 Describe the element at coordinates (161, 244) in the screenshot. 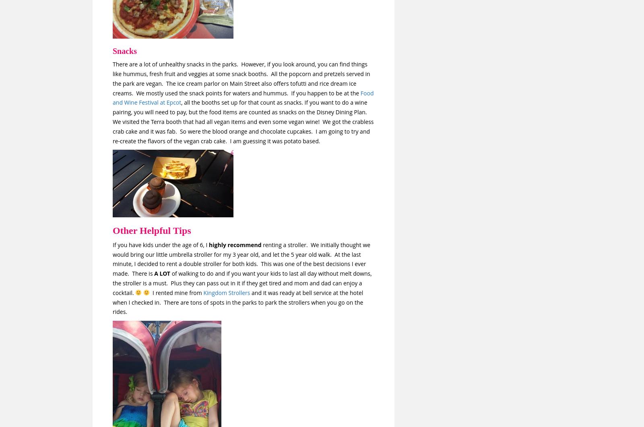

I see `'If you have kids under the age of 6, I'` at that location.